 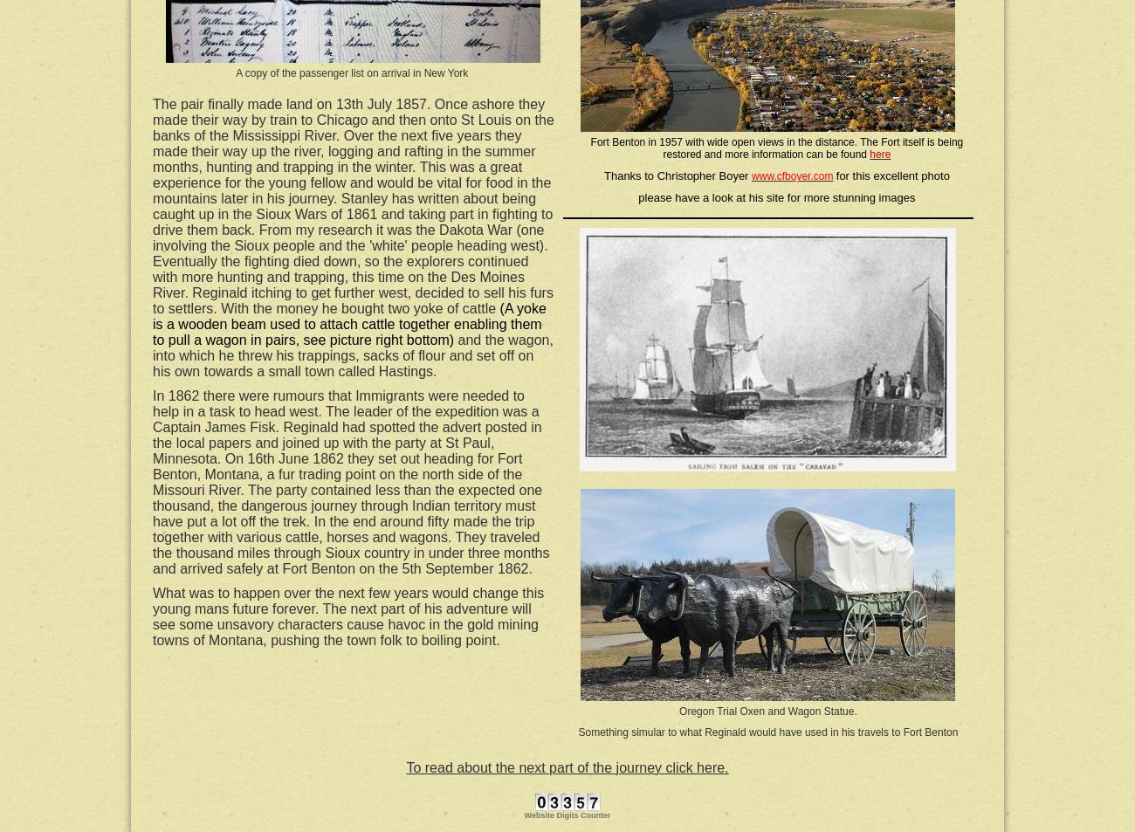 I want to click on 'please have a look at his site for more stunning images', so click(x=775, y=196).